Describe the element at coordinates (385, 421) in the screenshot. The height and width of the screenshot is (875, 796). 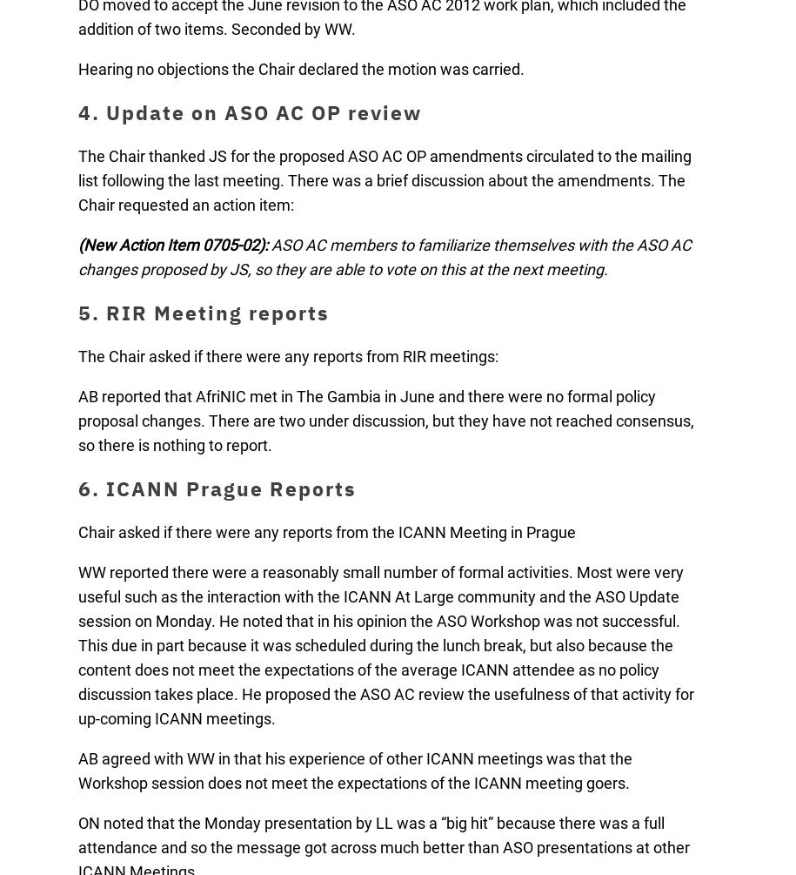
I see `'AB reported that AfriNIC met in The Gambia in June and there were no formal policy proposal changes. There are two under discussion, but they have not reached consensus, so there is nothing to report.'` at that location.